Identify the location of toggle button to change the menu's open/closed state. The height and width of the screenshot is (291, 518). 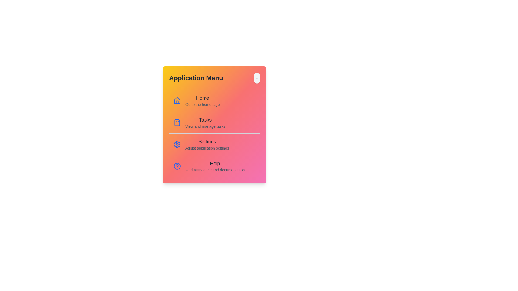
(256, 78).